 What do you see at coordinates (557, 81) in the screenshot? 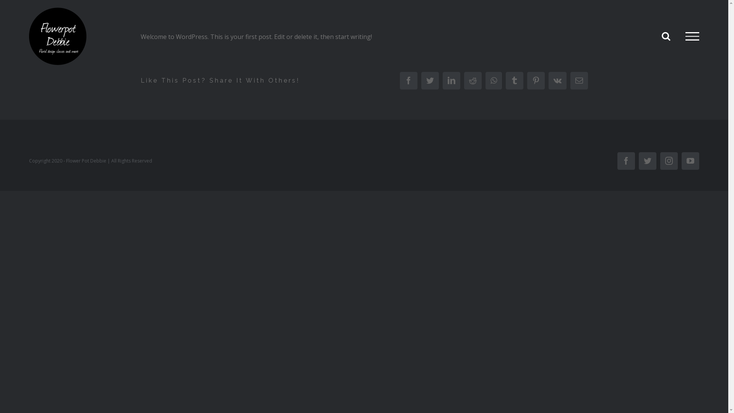
I see `'vk'` at bounding box center [557, 81].